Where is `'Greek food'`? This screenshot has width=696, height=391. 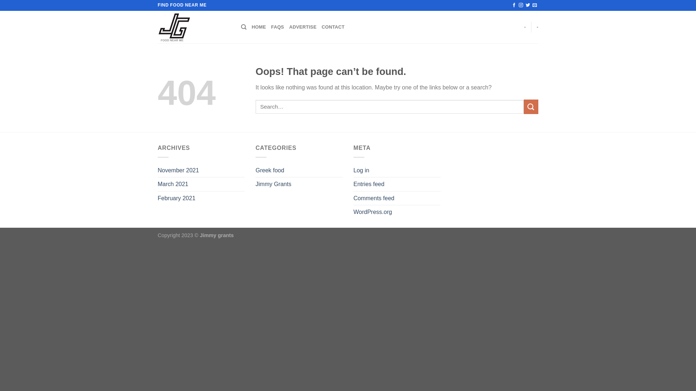 'Greek food' is located at coordinates (269, 170).